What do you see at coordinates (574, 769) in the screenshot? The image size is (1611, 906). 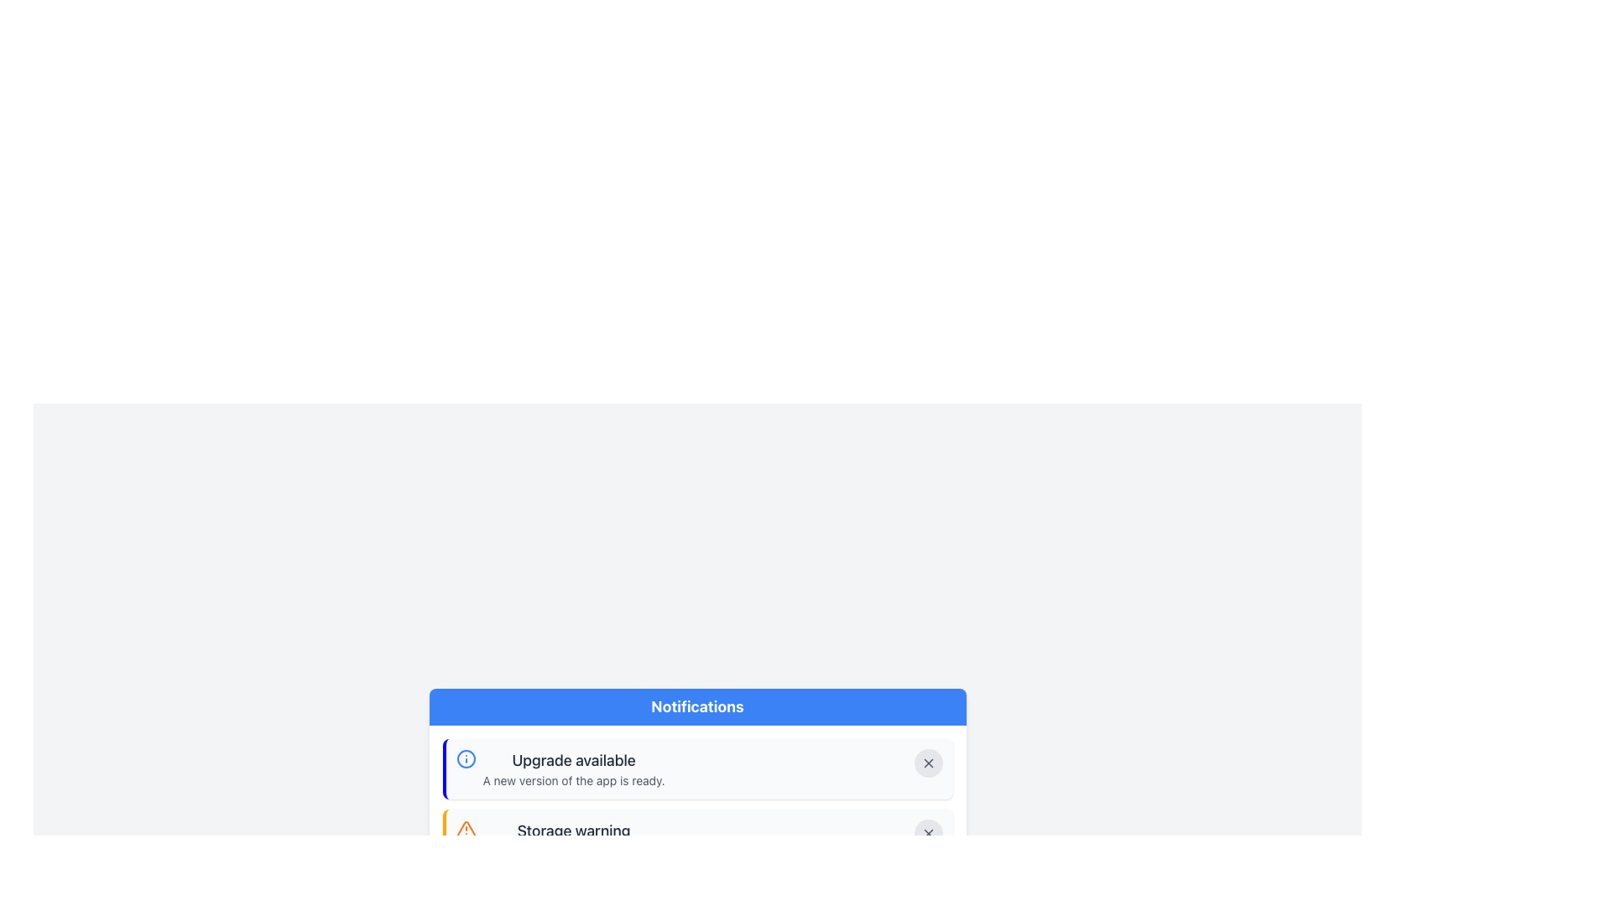 I see `the interactive Notification Text located below the 'Notifications' header in the uppermost notification card` at bounding box center [574, 769].